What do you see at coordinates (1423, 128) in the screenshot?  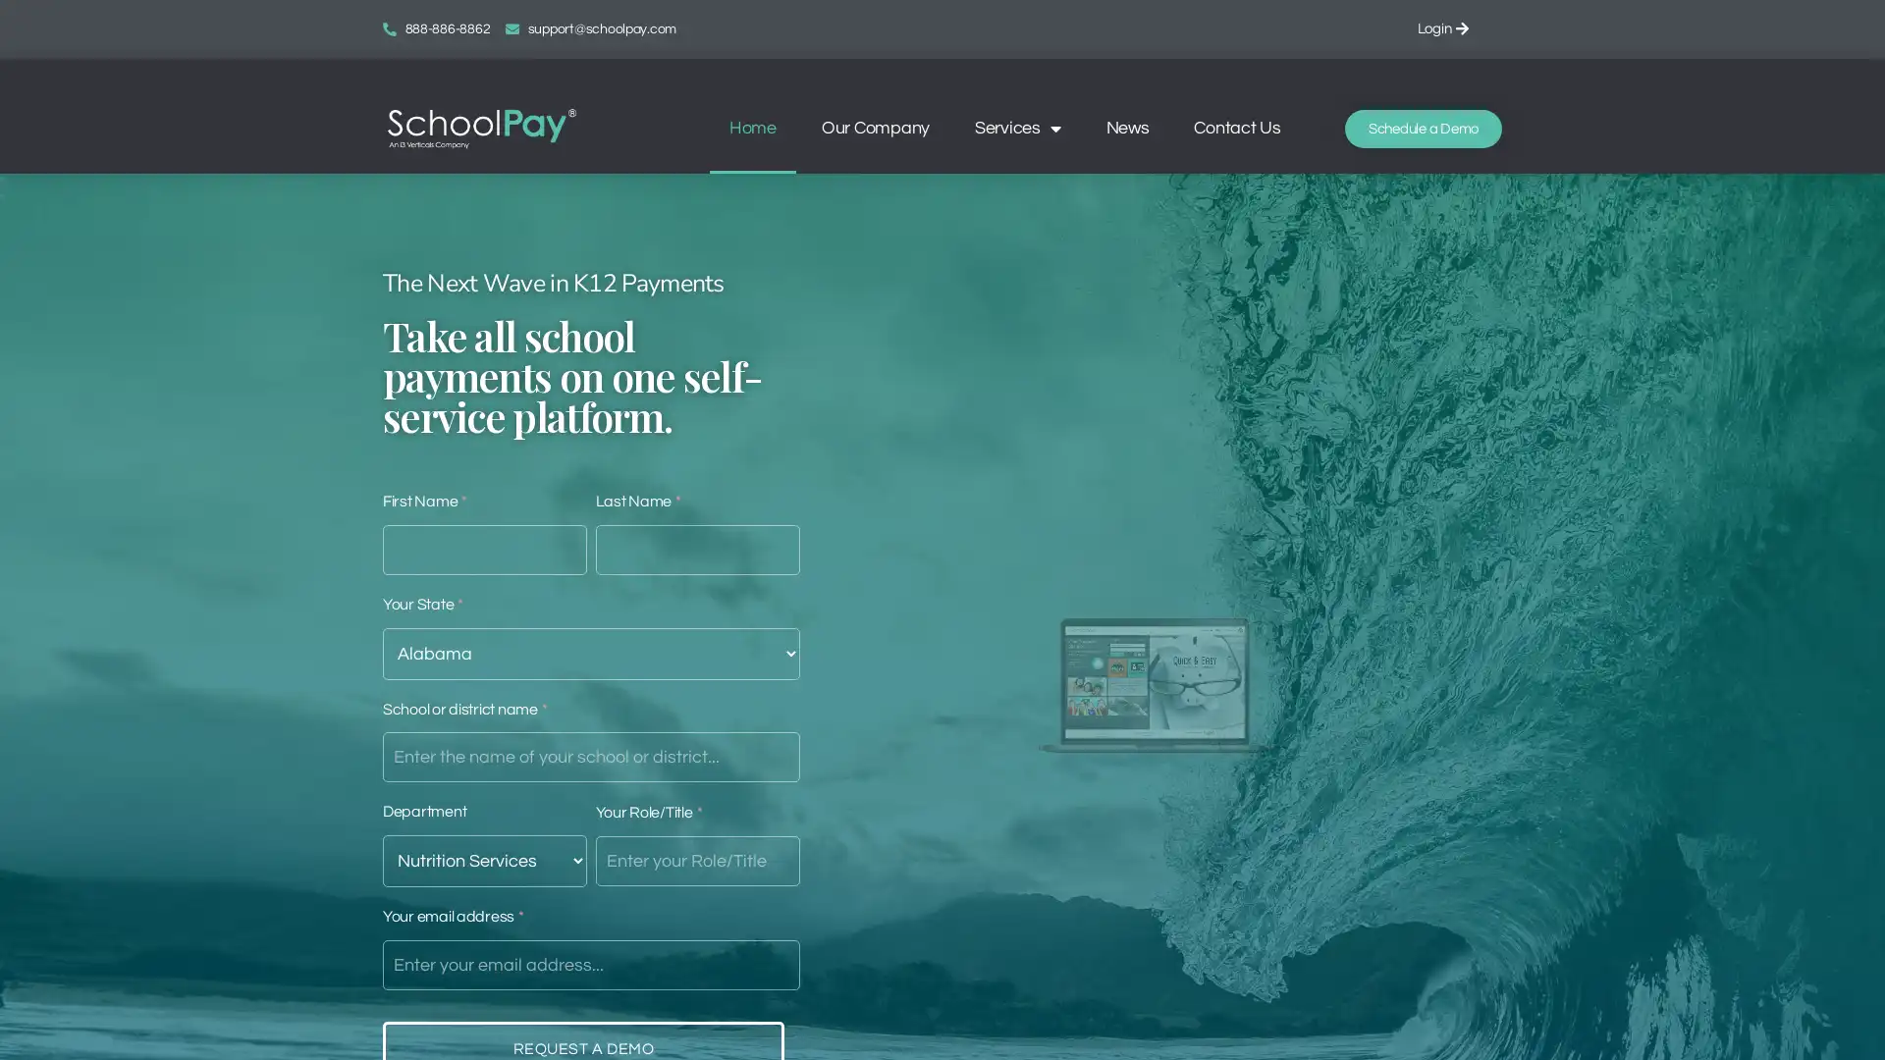 I see `Schedule a Demo` at bounding box center [1423, 128].